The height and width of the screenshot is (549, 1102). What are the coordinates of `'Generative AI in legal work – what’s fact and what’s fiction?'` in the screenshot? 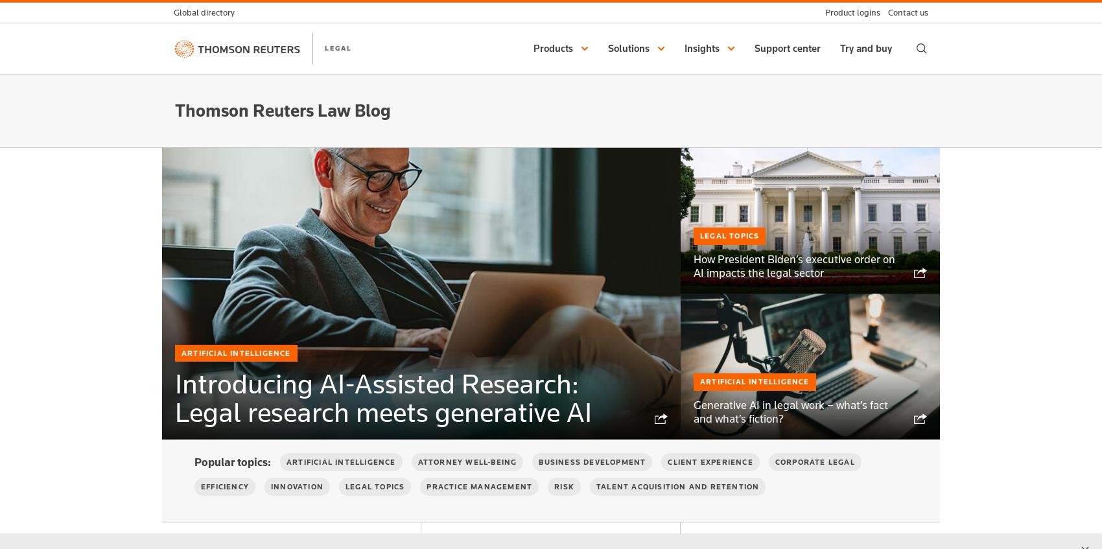 It's located at (790, 410).